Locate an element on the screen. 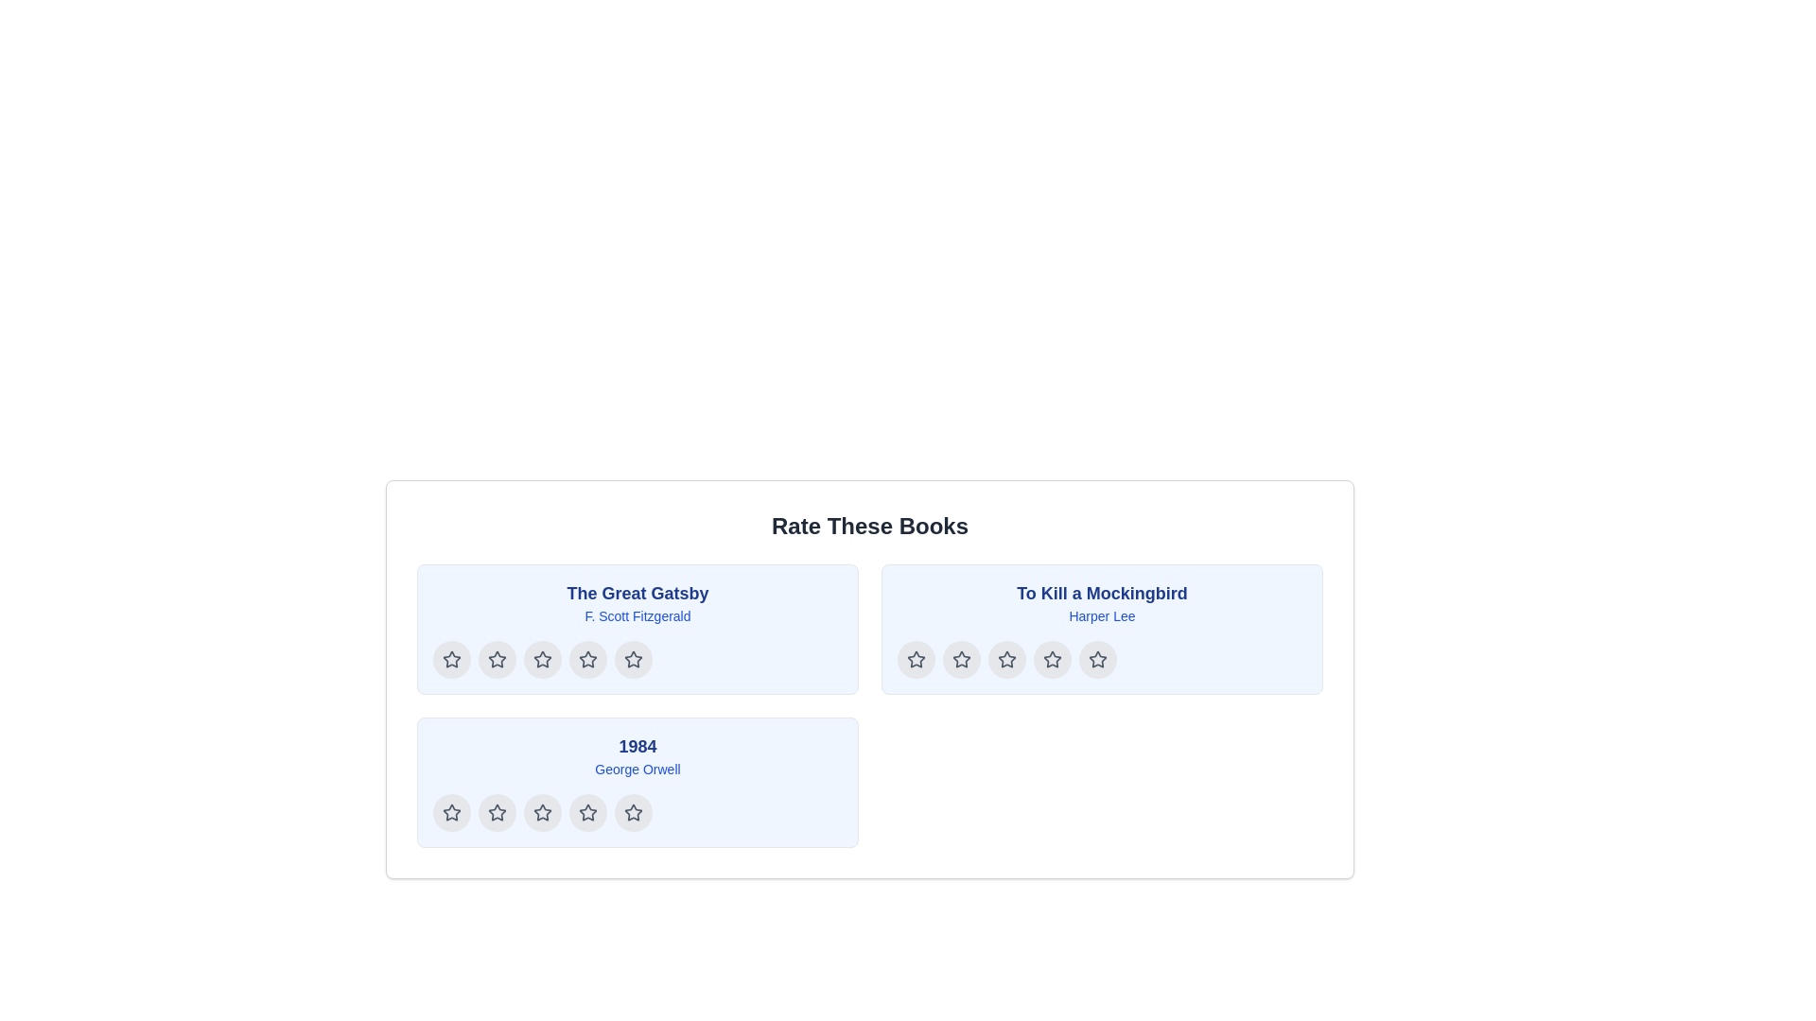 Image resolution: width=1816 pixels, height=1021 pixels. the text label displaying 'The Great Gatsby' in a large, bold font and dark blue color, which is positioned inside a light blue box in the 'Rate These Books' section is located at coordinates (637, 593).